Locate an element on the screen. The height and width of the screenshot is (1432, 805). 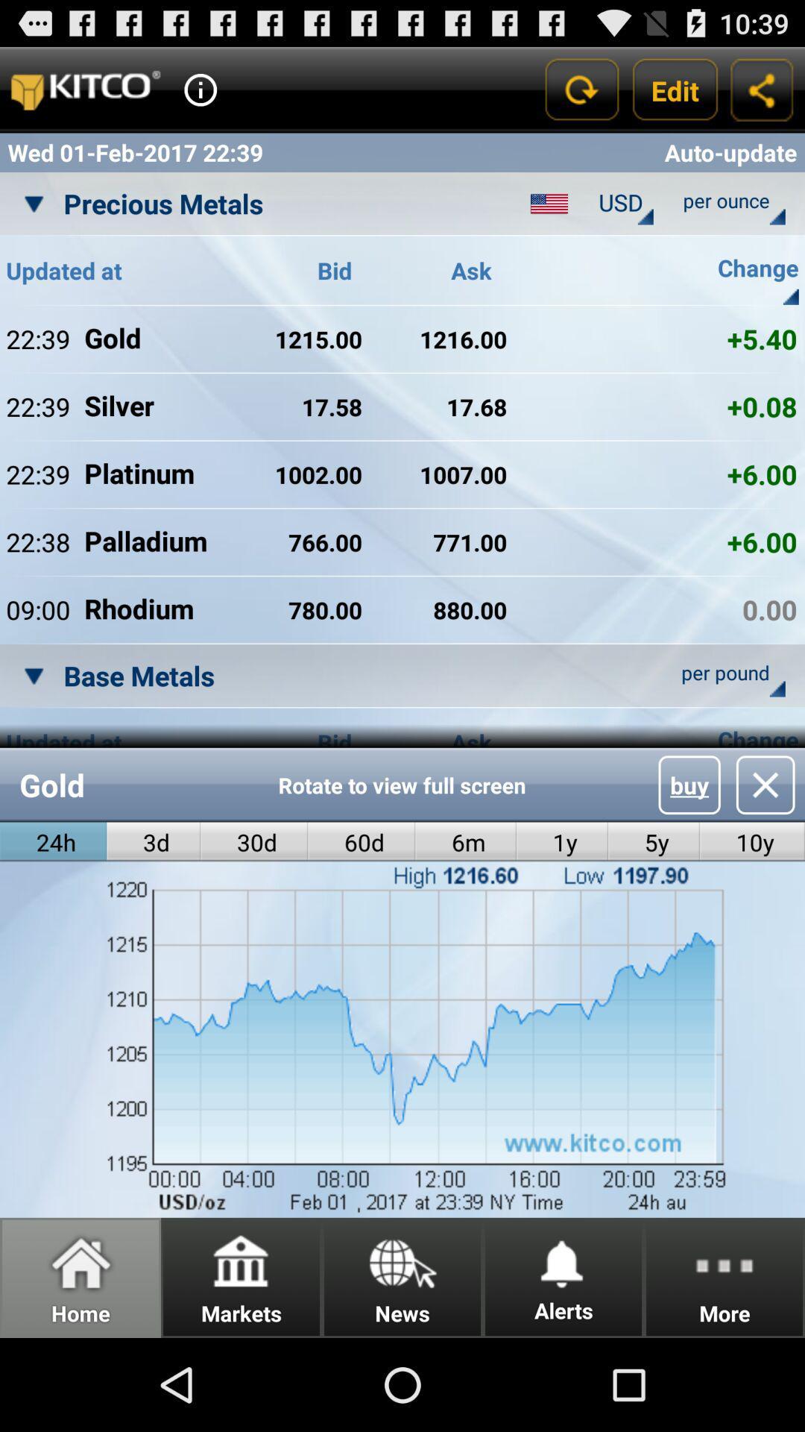
share this page is located at coordinates (762, 89).